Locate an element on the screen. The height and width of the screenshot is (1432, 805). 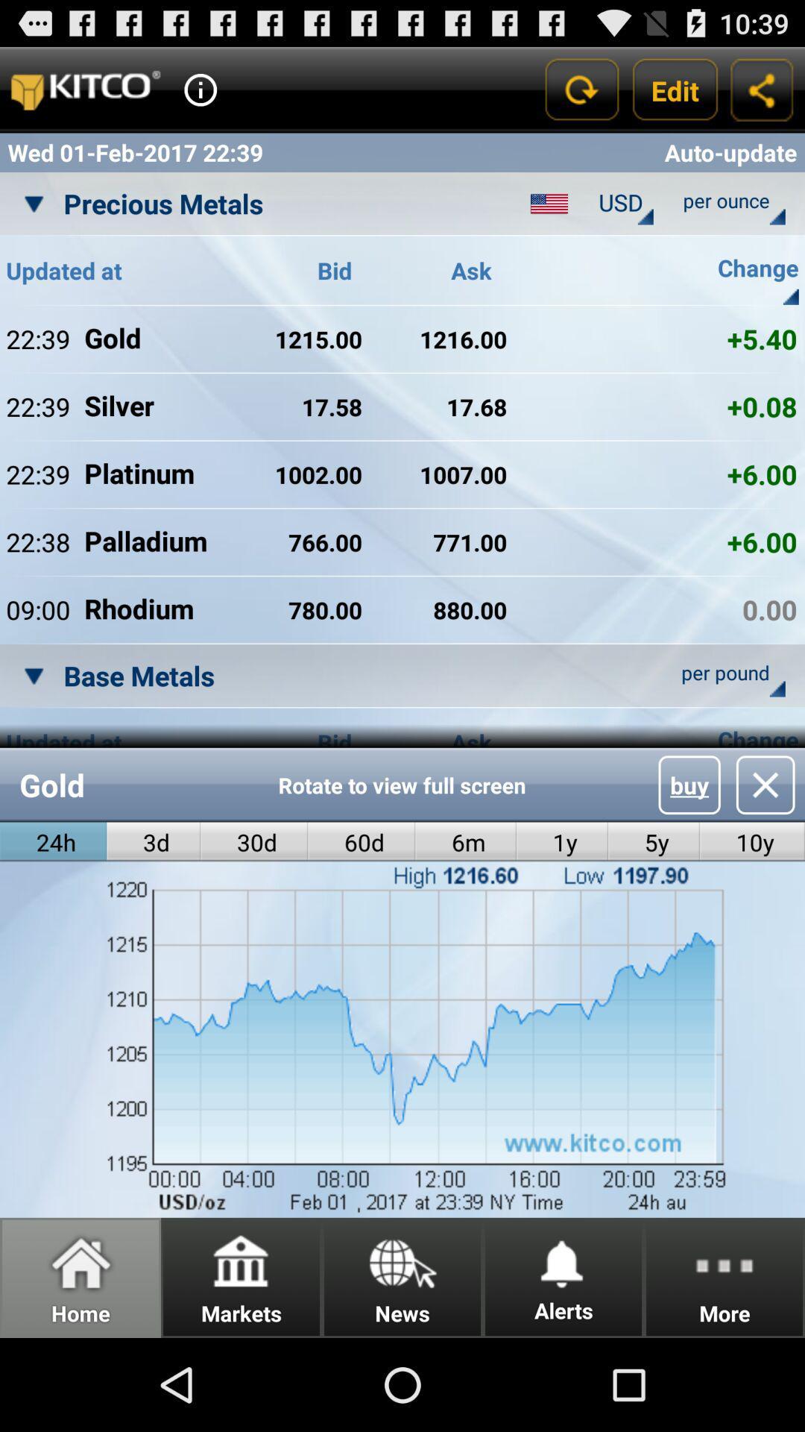
share this page is located at coordinates (762, 89).